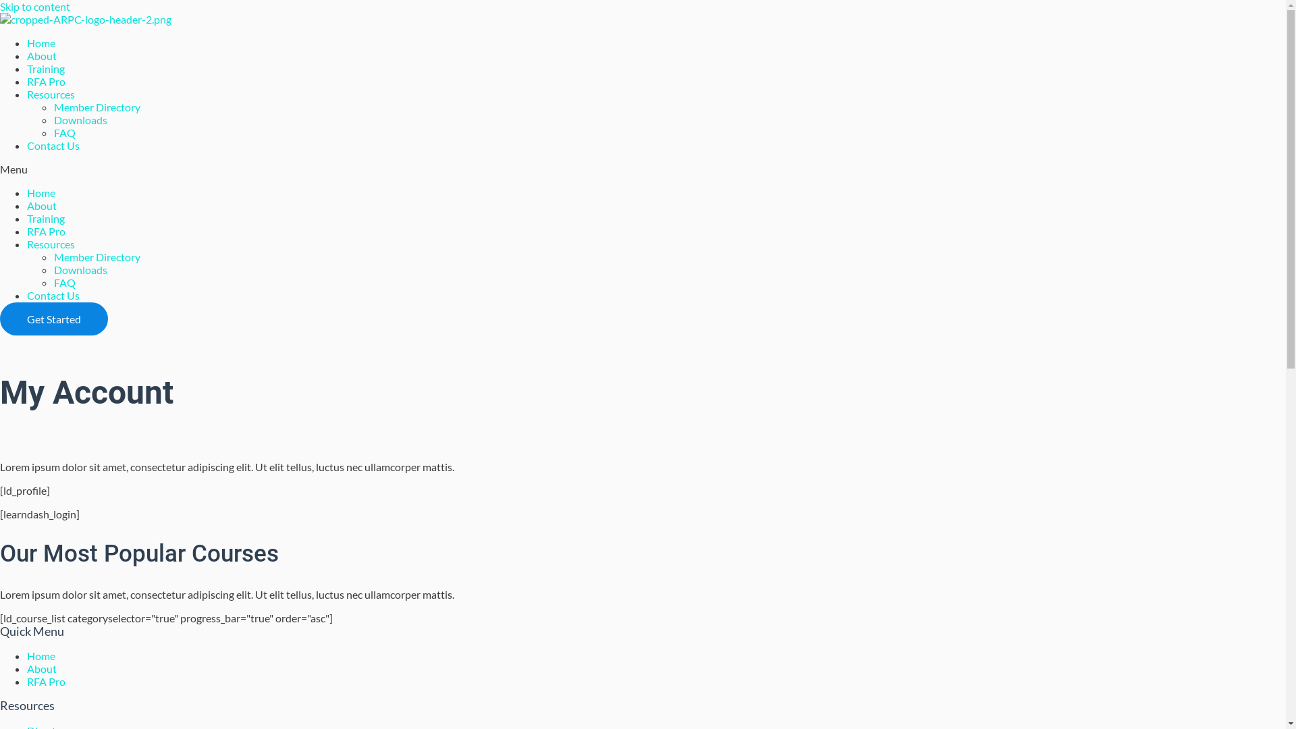 Image resolution: width=1296 pixels, height=729 pixels. What do you see at coordinates (26, 145) in the screenshot?
I see `'Contact Us'` at bounding box center [26, 145].